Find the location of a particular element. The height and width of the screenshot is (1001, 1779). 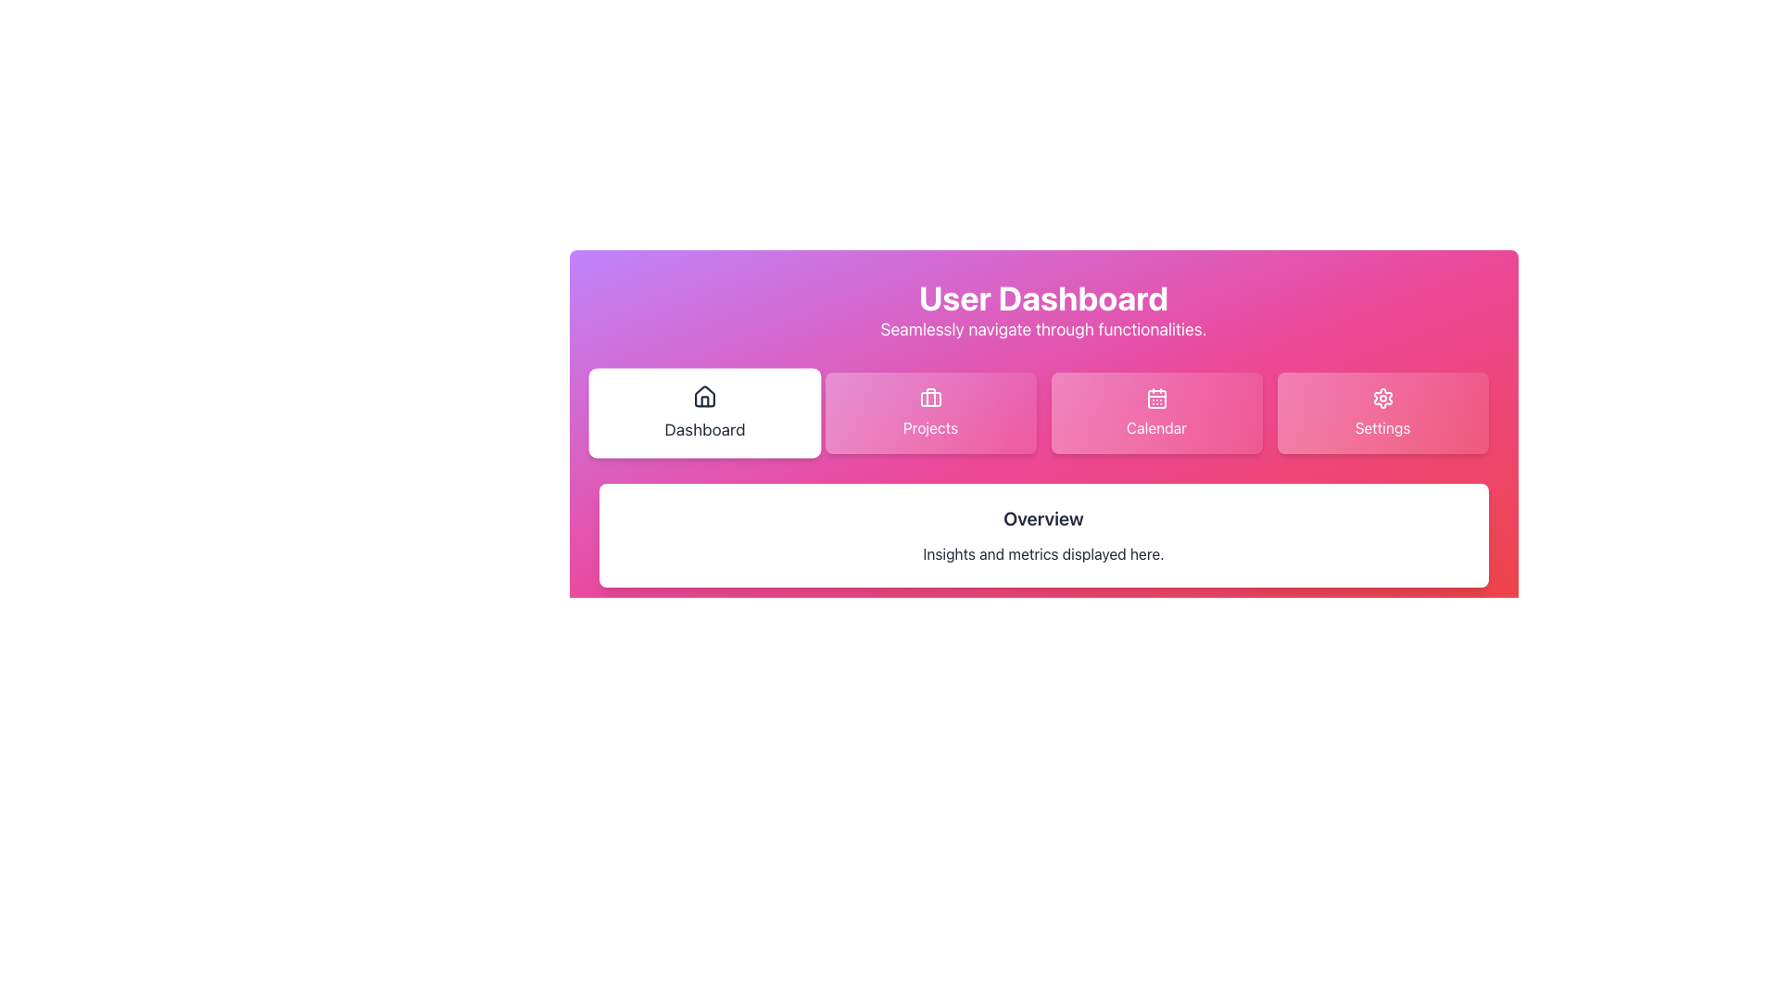

the rightmost button in the horizontal grid that navigates to the settings page is located at coordinates (1382, 412).